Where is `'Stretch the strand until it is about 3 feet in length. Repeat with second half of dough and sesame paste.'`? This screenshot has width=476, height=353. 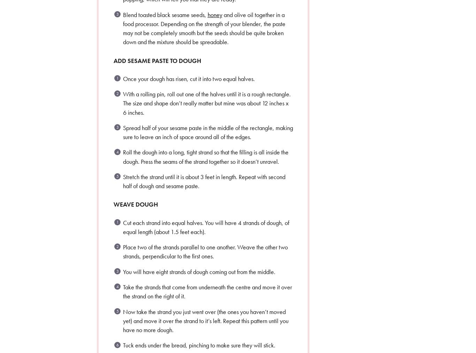
'Stretch the strand until it is about 3 feet in length. Repeat with second half of dough and sesame paste.' is located at coordinates (204, 181).